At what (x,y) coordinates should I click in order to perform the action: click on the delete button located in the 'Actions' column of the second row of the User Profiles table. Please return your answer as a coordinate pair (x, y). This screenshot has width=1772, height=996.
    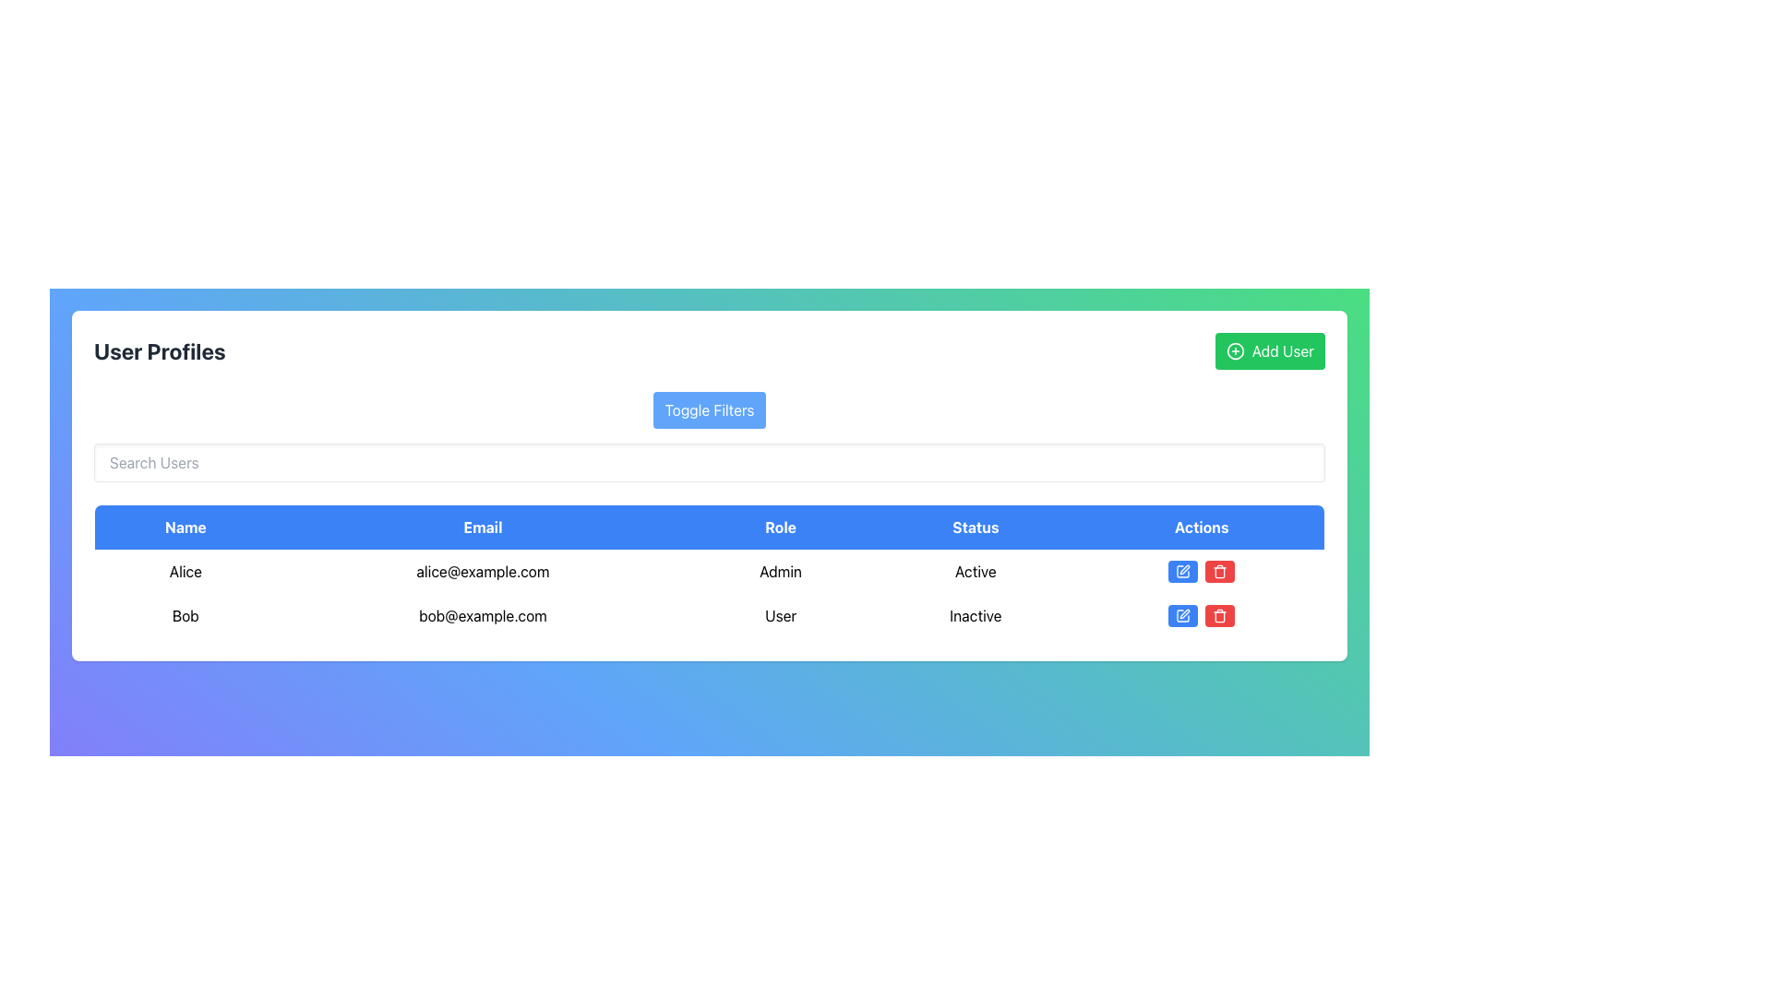
    Looking at the image, I should click on (1220, 571).